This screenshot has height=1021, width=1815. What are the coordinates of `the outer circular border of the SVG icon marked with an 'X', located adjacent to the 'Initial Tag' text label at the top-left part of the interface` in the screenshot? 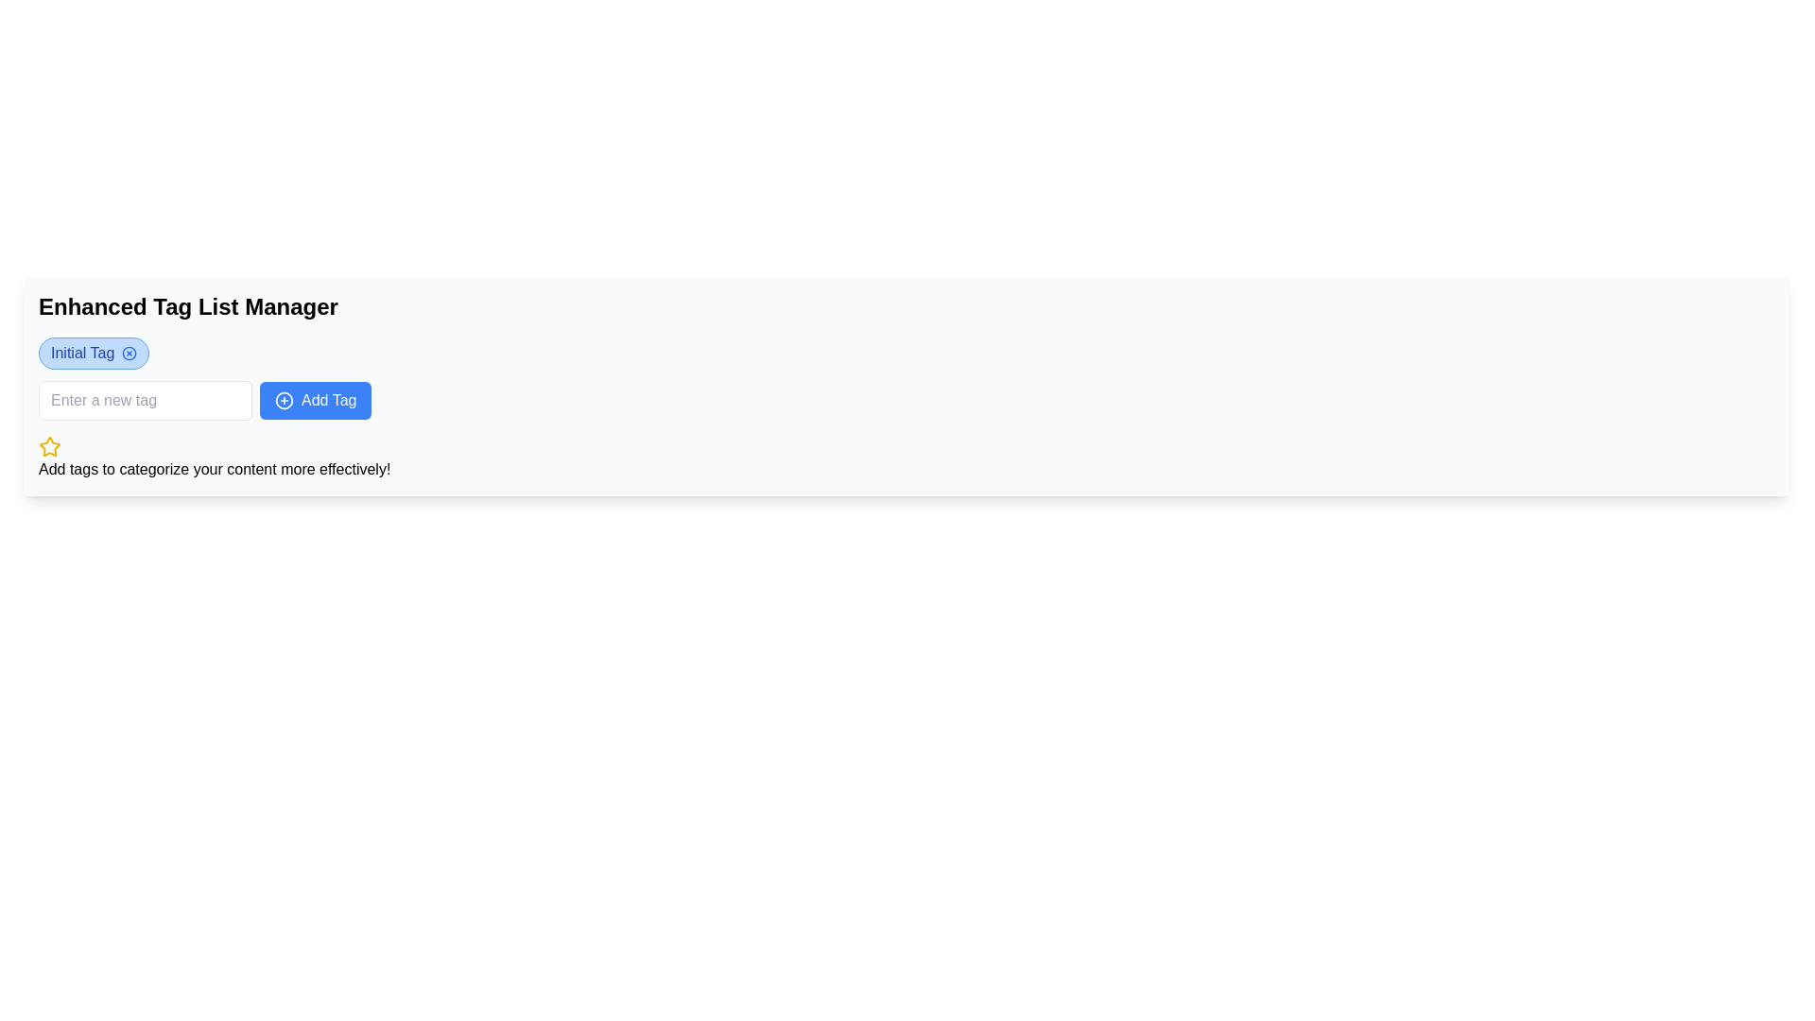 It's located at (129, 354).